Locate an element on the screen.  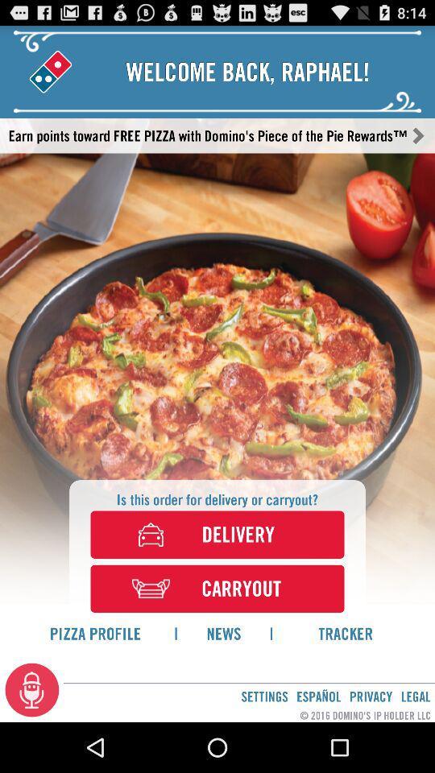
icon to the left of the settings icon is located at coordinates (32, 688).